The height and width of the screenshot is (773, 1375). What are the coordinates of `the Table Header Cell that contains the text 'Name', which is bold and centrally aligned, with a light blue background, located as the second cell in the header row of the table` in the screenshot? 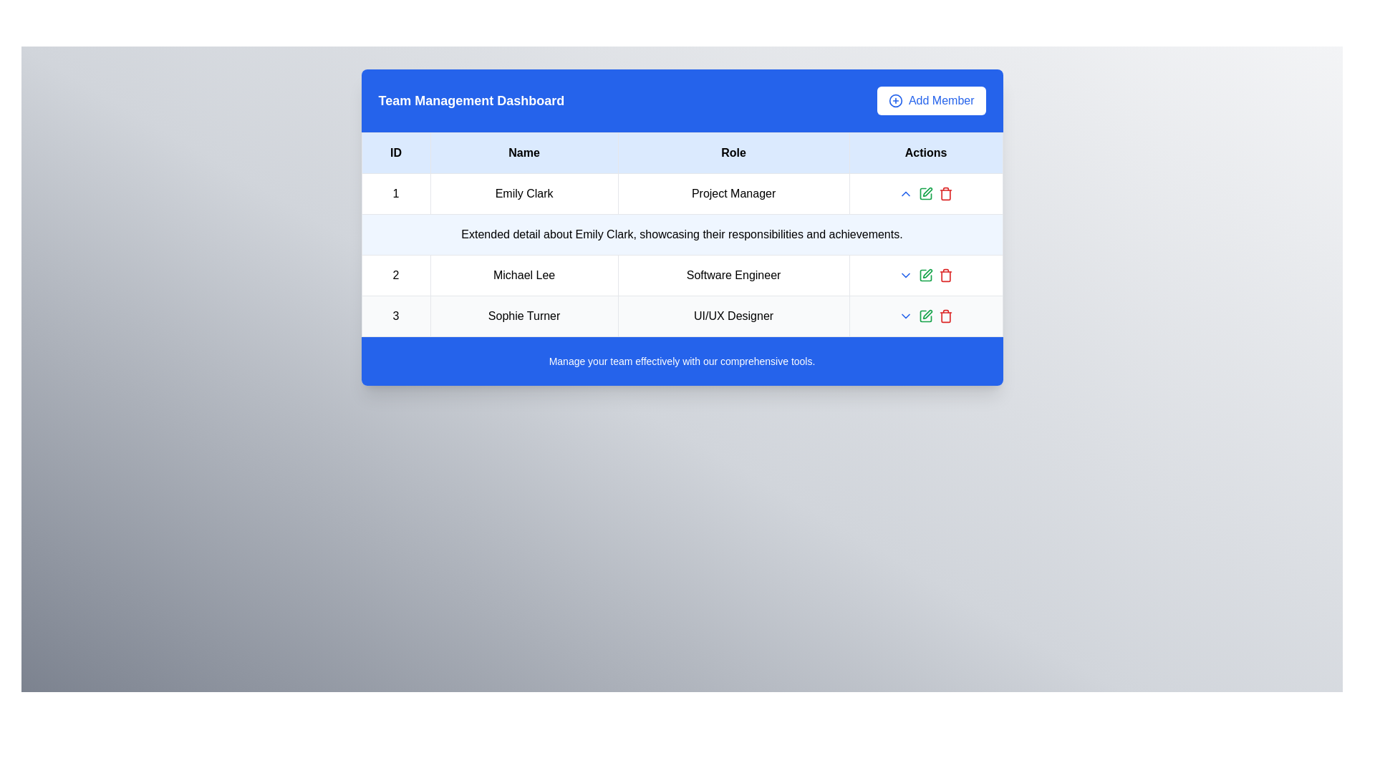 It's located at (524, 152).